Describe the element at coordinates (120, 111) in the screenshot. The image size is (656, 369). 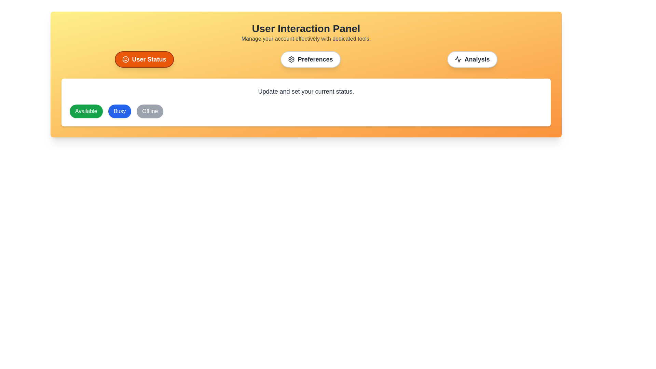
I see `the user status to Busy by clicking the corresponding button` at that location.